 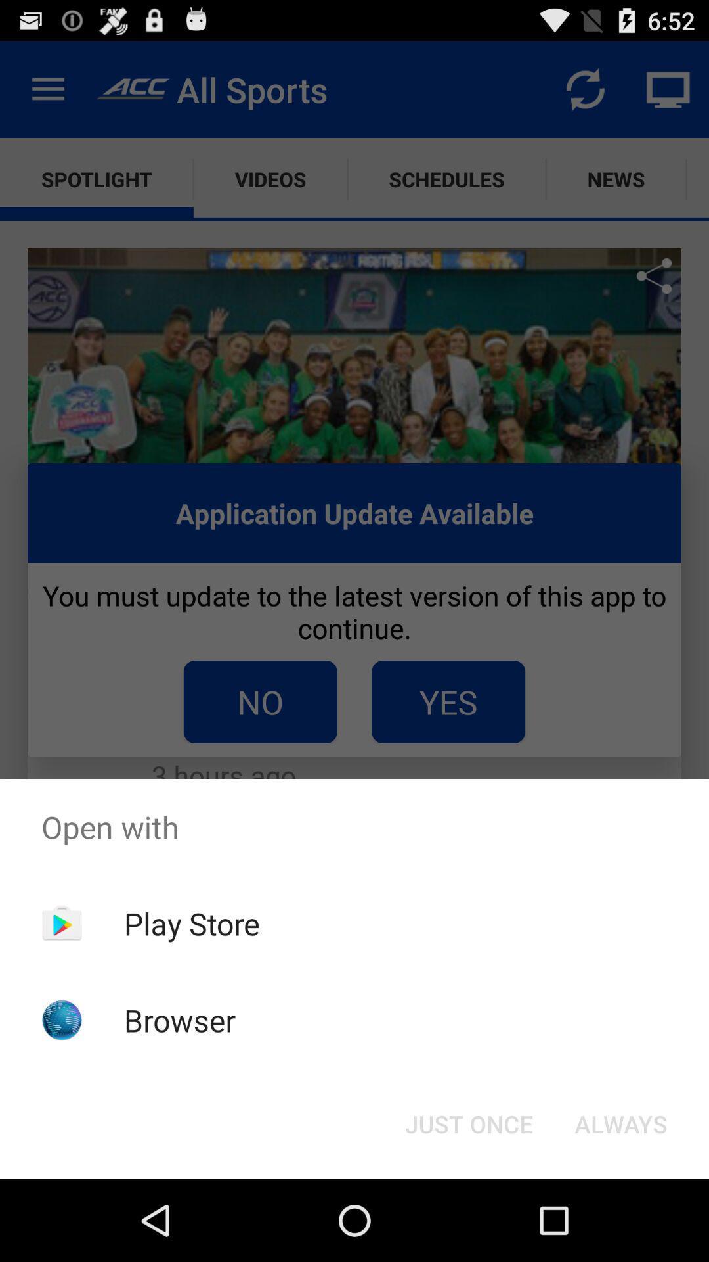 What do you see at coordinates (620, 1123) in the screenshot?
I see `the always at the bottom right corner` at bounding box center [620, 1123].